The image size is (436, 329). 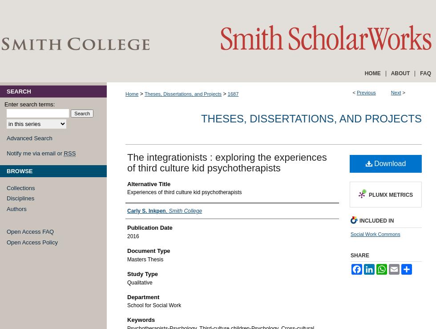 I want to click on 'Open Access Policy', so click(x=32, y=242).